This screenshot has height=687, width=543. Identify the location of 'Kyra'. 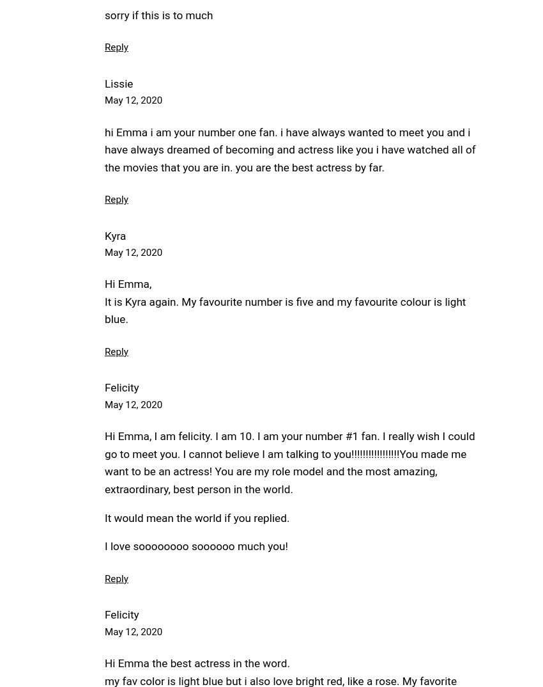
(104, 234).